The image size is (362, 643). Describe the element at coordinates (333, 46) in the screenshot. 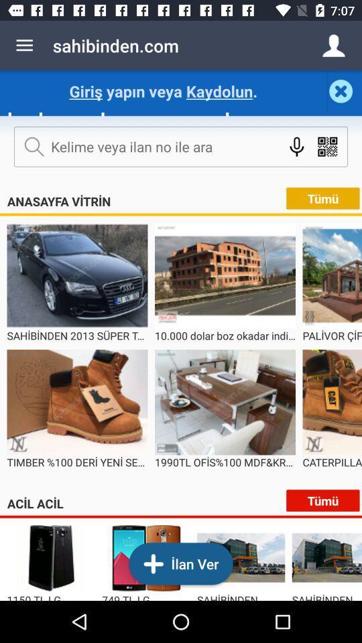

I see `image above close button` at that location.